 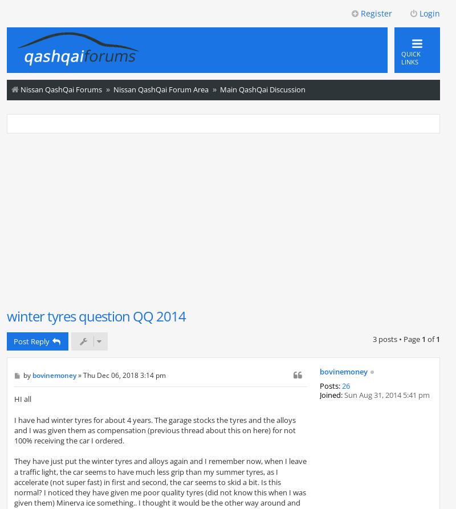 I want to click on 'by', so click(x=27, y=374).